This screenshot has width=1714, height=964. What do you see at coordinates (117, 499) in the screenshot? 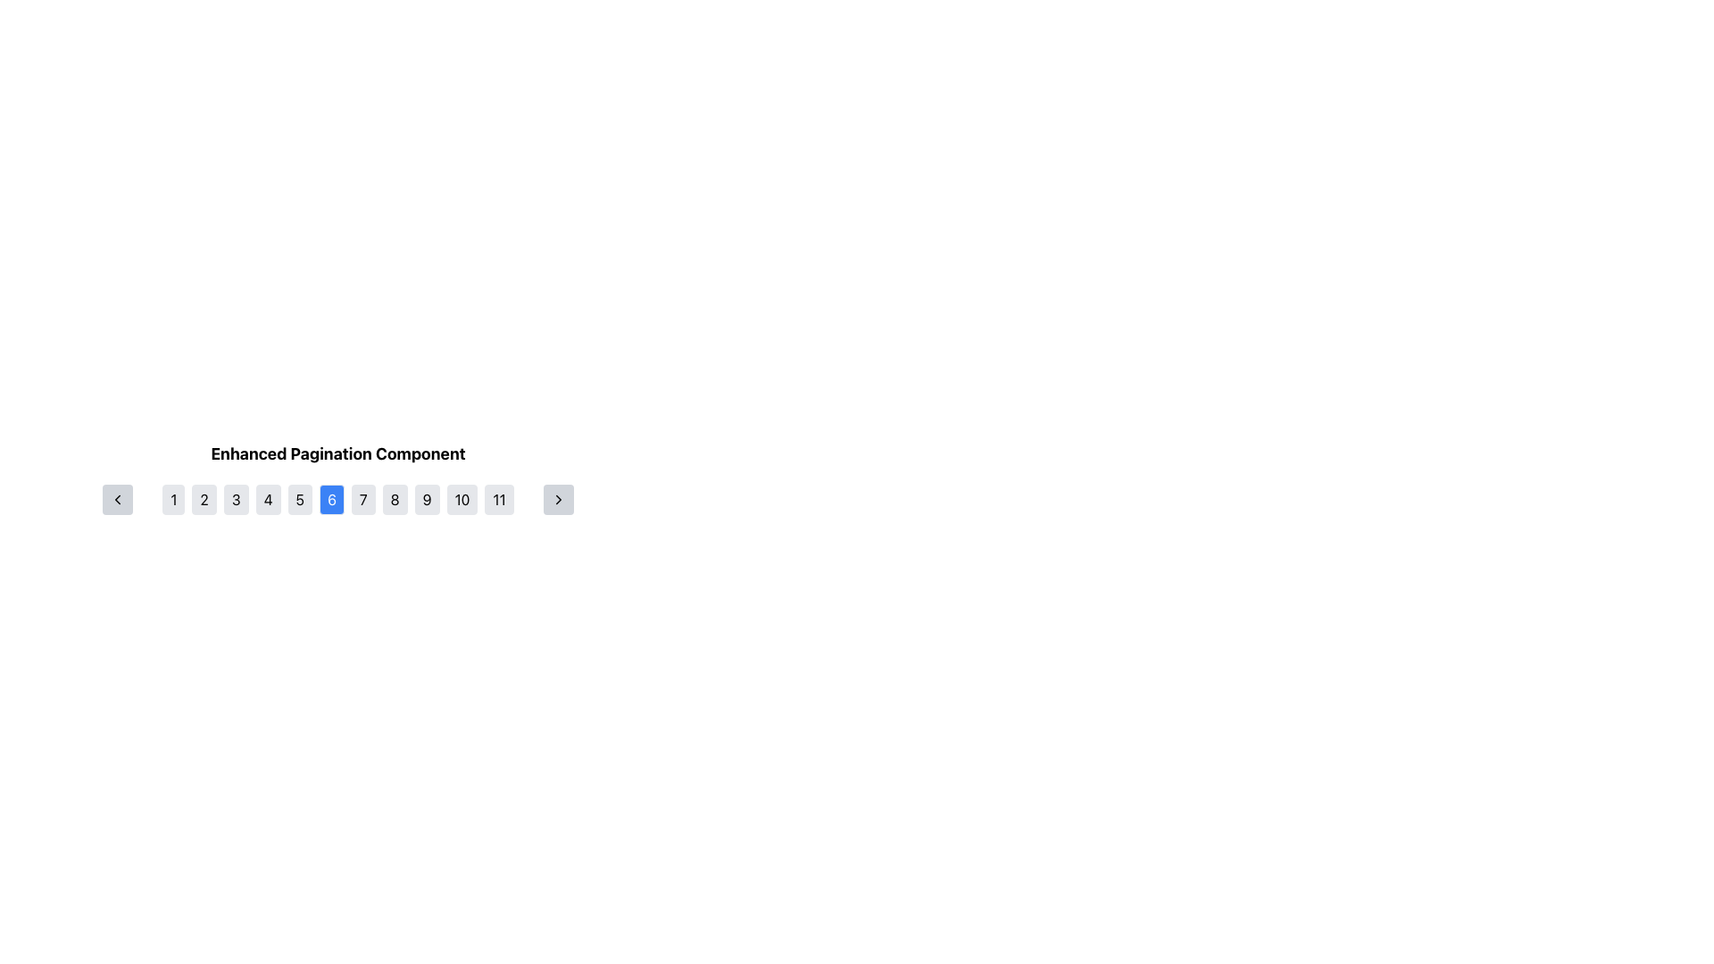
I see `the Chevron Icon button located at the far left of the pagination row` at bounding box center [117, 499].